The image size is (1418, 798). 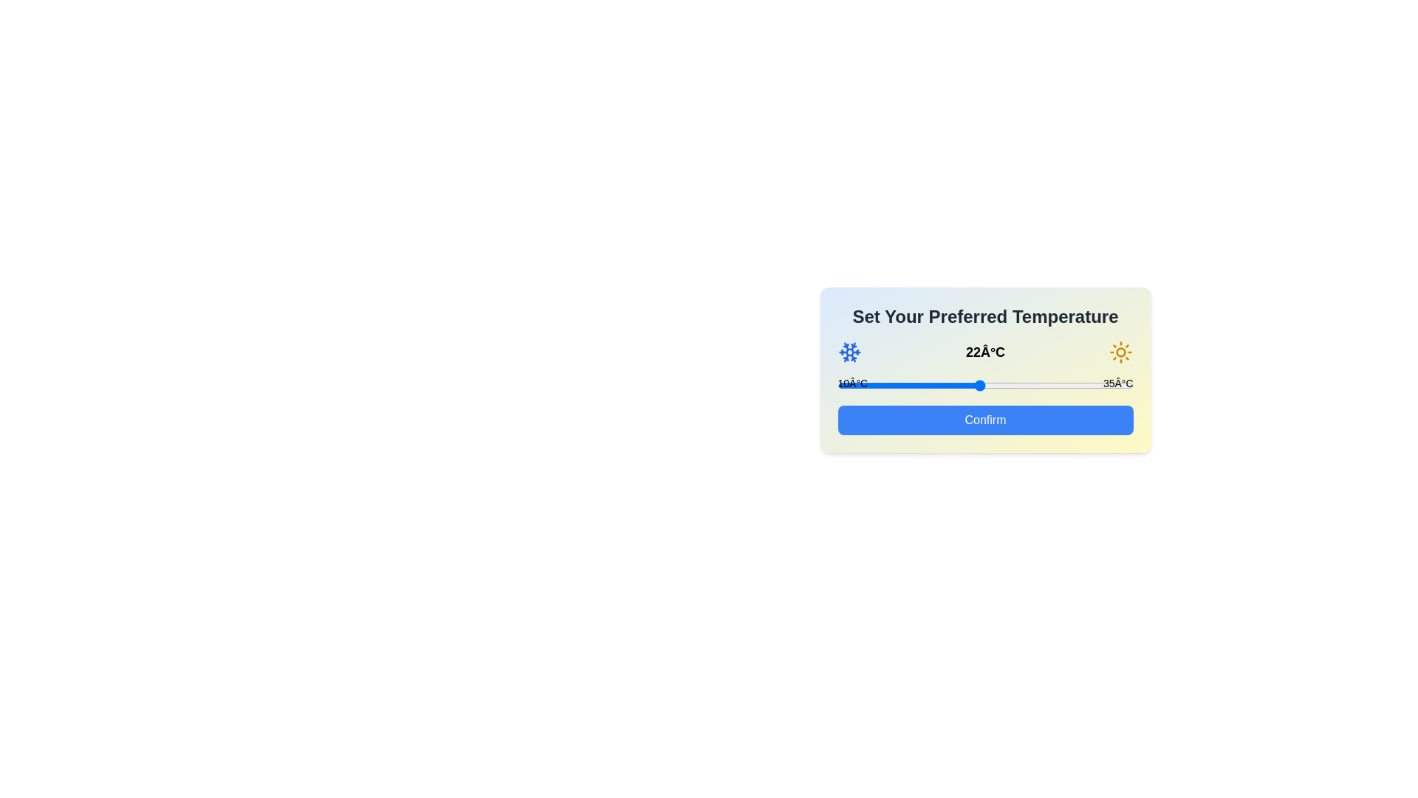 What do you see at coordinates (985, 352) in the screenshot?
I see `the temperature text to select it` at bounding box center [985, 352].